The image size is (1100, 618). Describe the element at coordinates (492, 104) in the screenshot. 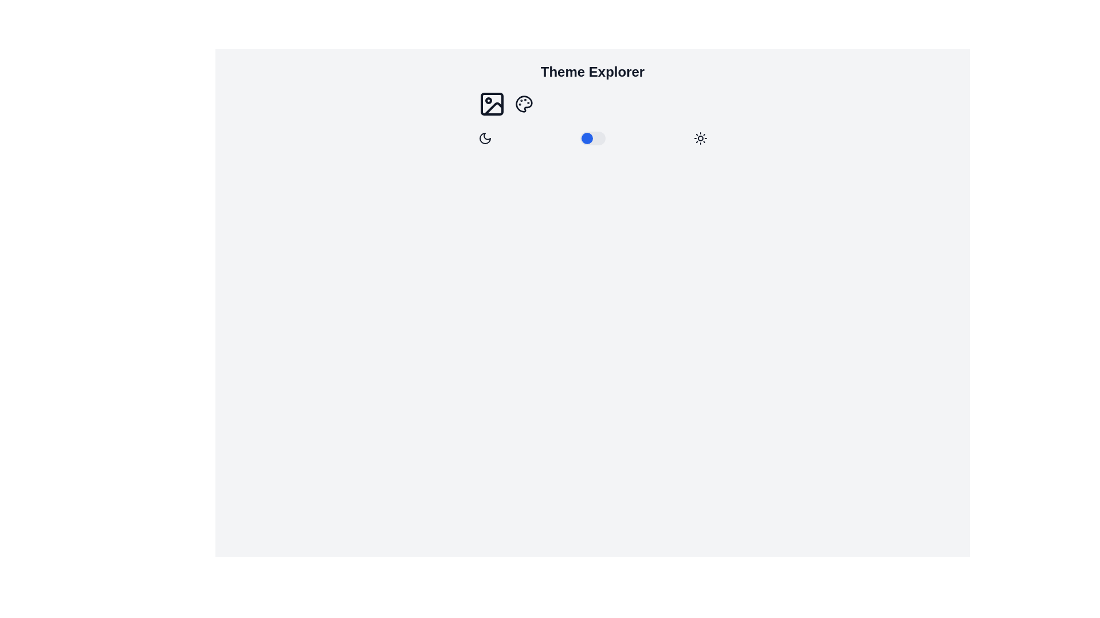

I see `the first icon located on the leftmost side of the horizontal group of icons under 'Theme Explorer'` at that location.